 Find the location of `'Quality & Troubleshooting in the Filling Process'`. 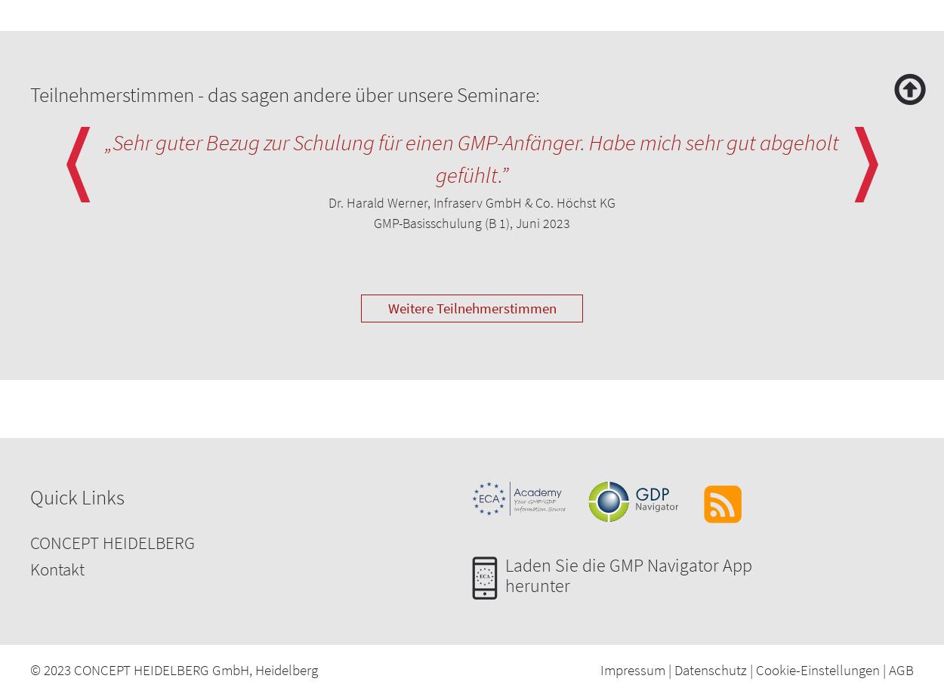

'Quality & Troubleshooting in the Filling Process' is located at coordinates (180, 292).